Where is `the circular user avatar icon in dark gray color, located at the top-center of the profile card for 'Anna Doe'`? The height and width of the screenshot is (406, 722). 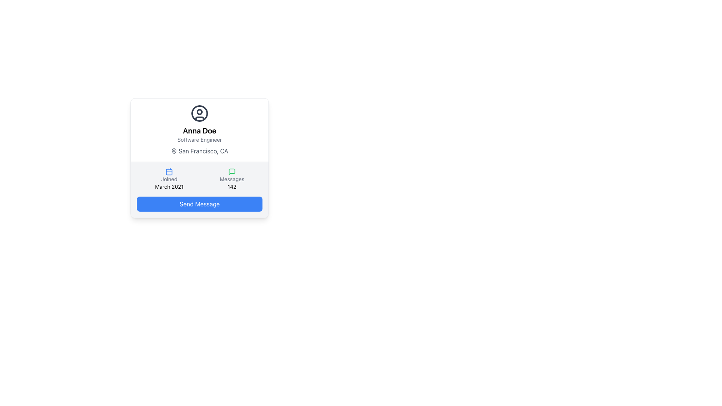 the circular user avatar icon in dark gray color, located at the top-center of the profile card for 'Anna Doe' is located at coordinates (200, 113).